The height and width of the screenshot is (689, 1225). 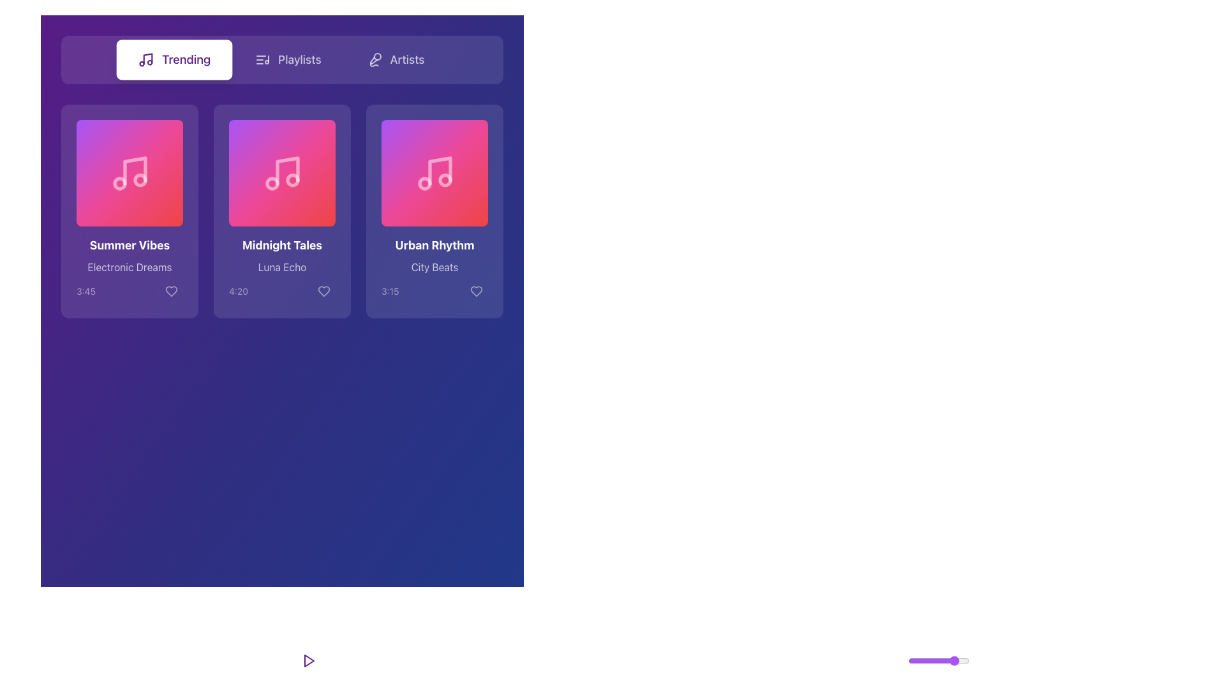 What do you see at coordinates (909, 660) in the screenshot?
I see `the value of the slider` at bounding box center [909, 660].